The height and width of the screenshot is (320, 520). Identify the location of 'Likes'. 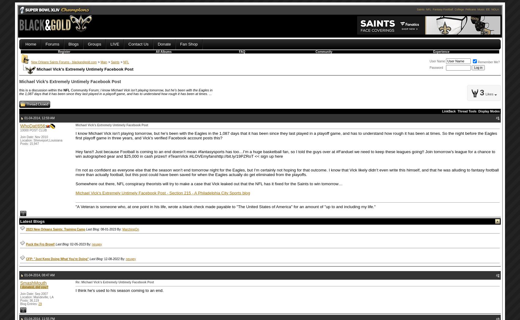
(489, 93).